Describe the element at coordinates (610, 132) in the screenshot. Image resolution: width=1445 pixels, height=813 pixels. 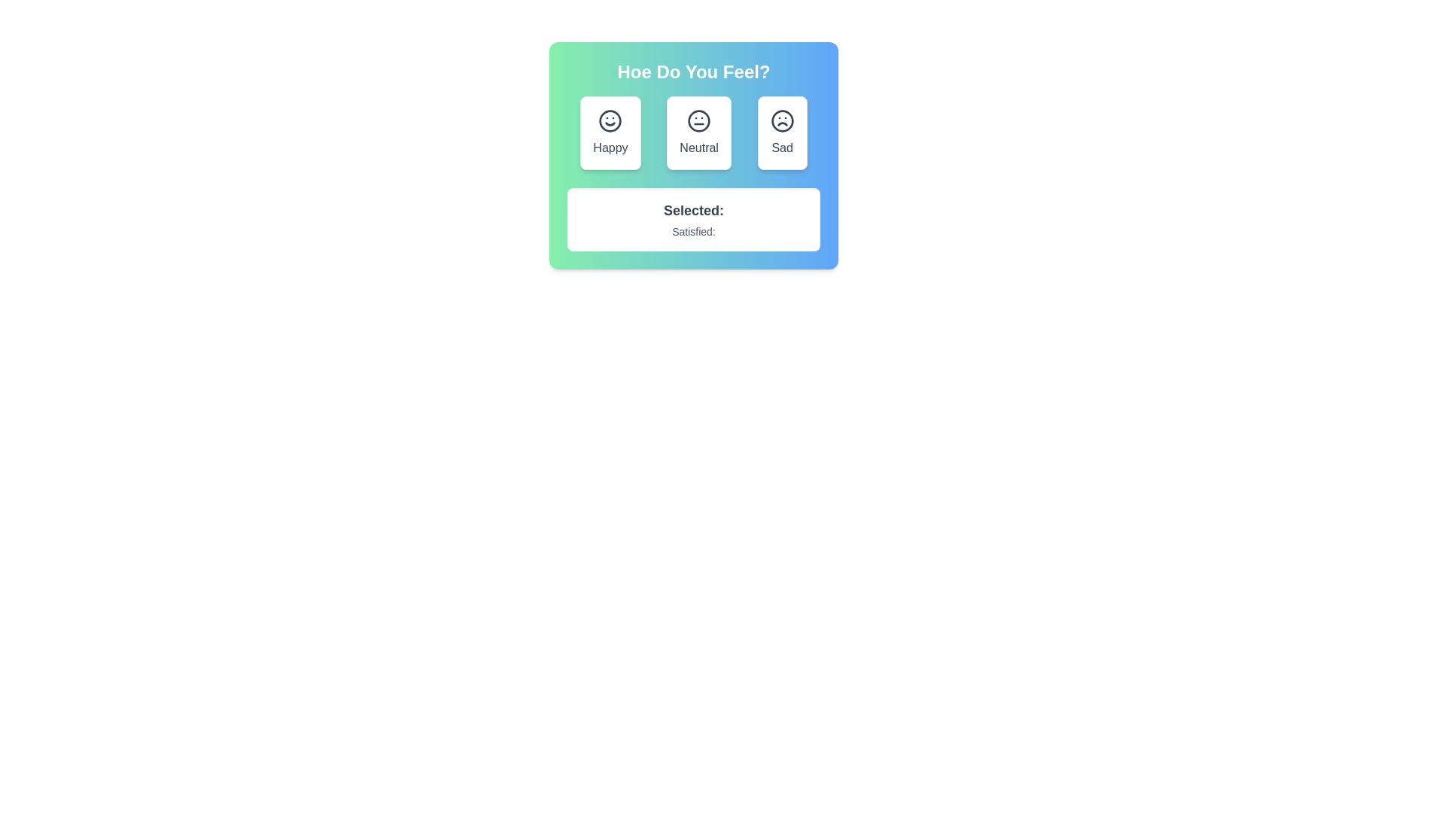
I see `the Happy button to select the corresponding emotion` at that location.